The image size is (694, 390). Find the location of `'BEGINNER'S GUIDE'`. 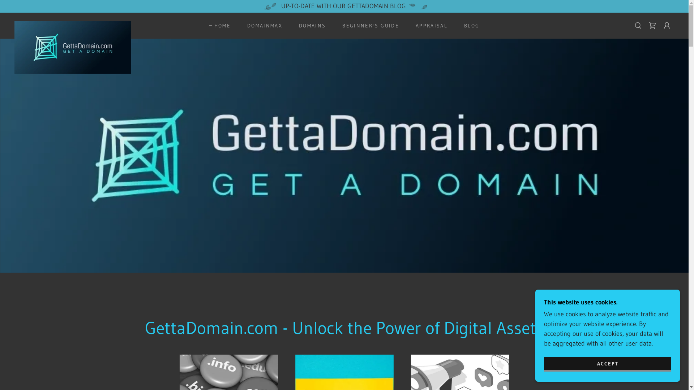

'BEGINNER'S GUIDE' is located at coordinates (368, 25).